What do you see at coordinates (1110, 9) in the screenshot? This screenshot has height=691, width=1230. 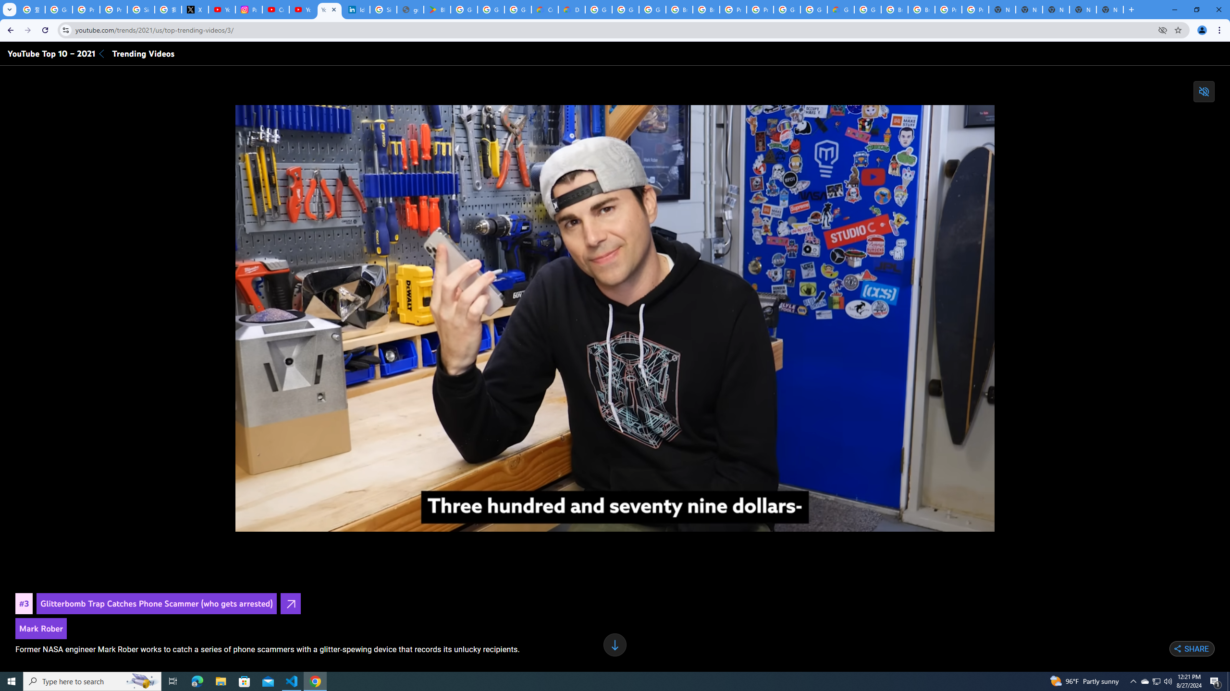 I see `'New Tab'` at bounding box center [1110, 9].